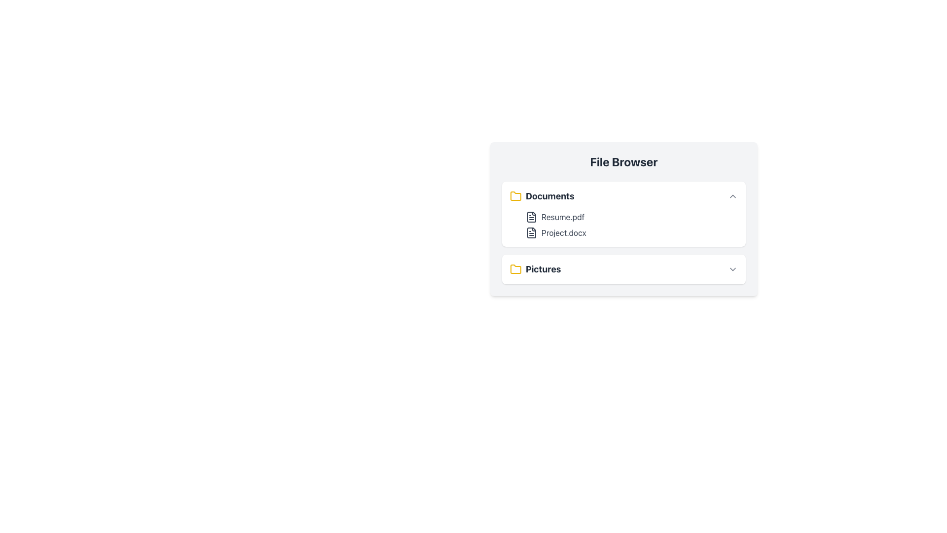  I want to click on the square-shaped document icon with a folded corner located at the top-left of the document representation under the 'Documents' category, next to 'Resume.pdf', so click(531, 232).